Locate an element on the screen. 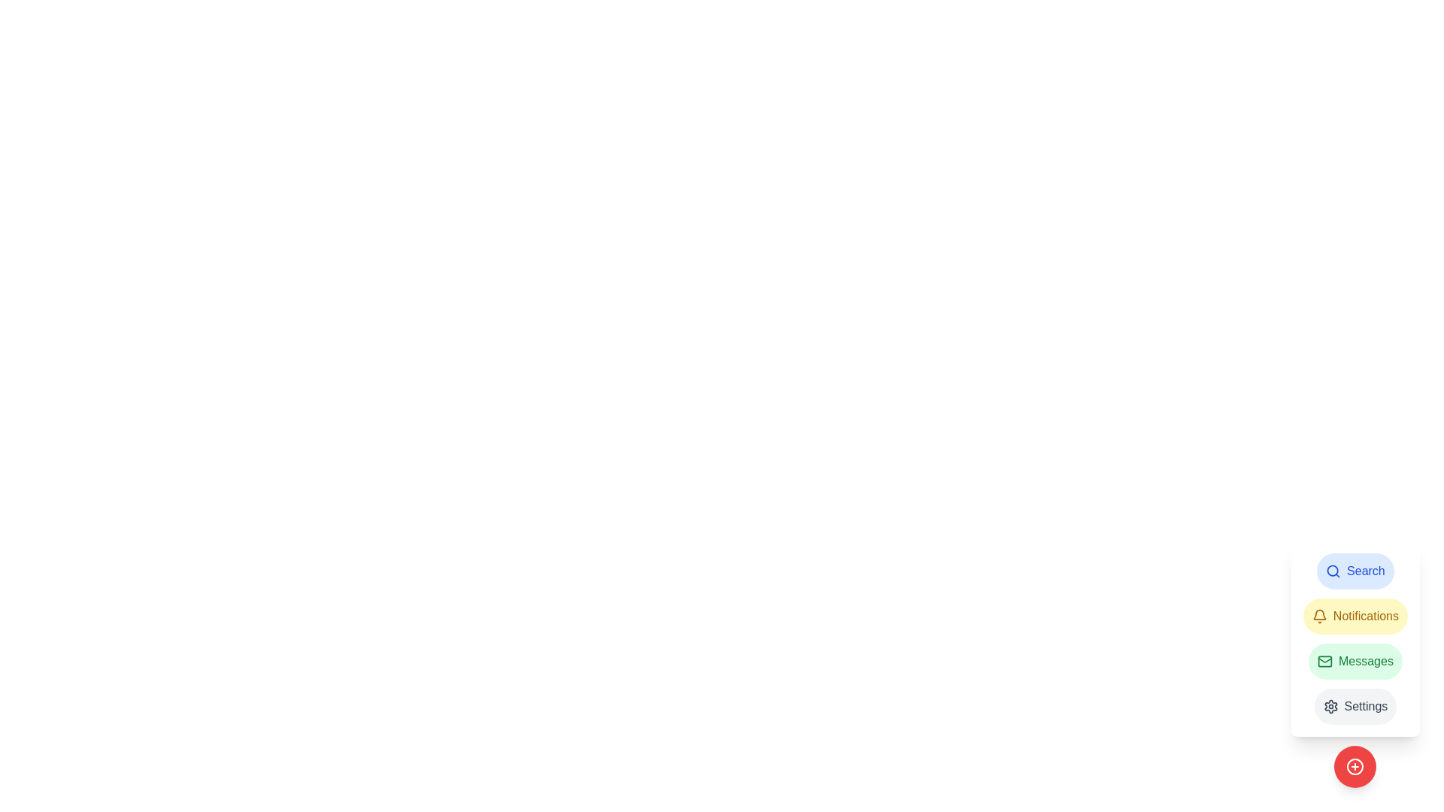  the 'Messages' button, which is the third button in a vertical stack of four buttons labeled 'Search', 'Notifications', 'Messages', and 'Settings' is located at coordinates (1355, 638).